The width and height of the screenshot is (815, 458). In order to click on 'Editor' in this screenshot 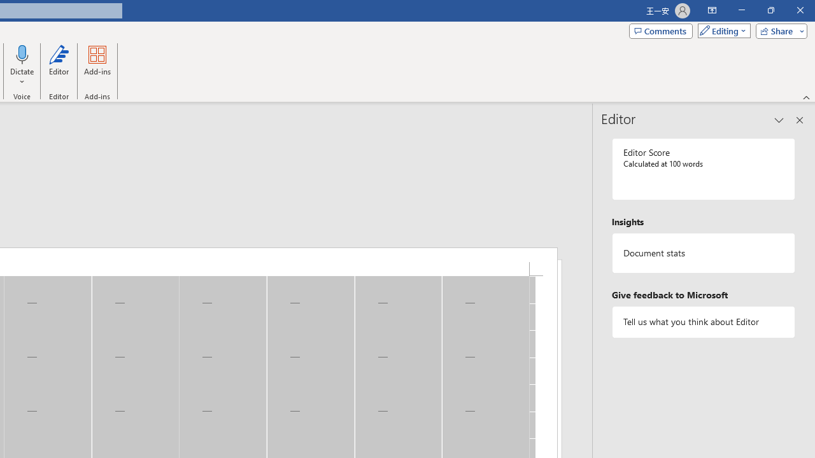, I will do `click(58, 66)`.